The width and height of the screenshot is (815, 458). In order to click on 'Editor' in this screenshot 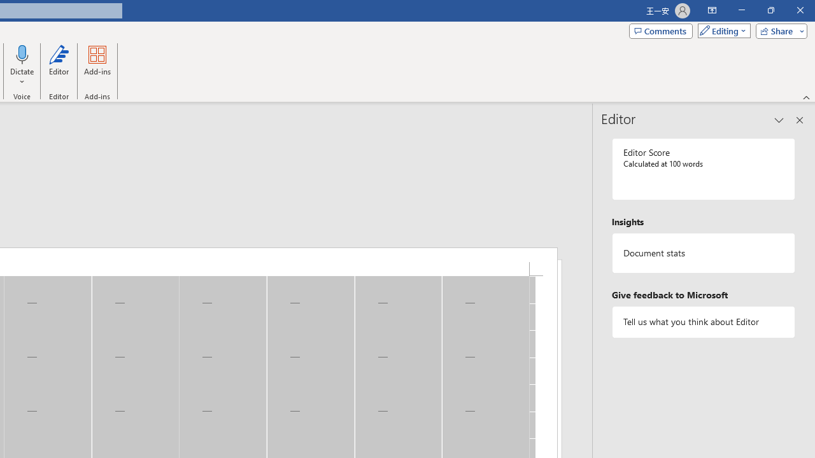, I will do `click(58, 66)`.